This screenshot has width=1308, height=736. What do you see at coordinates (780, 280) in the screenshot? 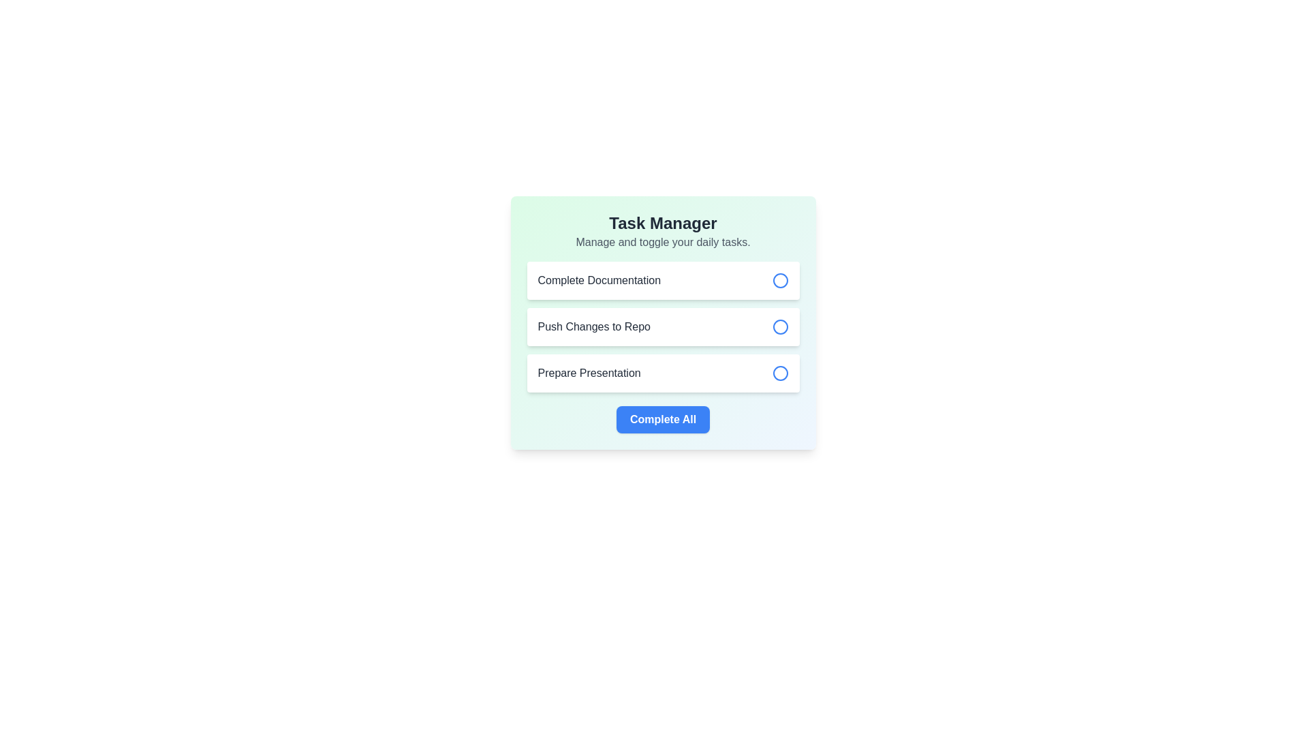
I see `the circular toggle or status indicator with a blue border located` at bounding box center [780, 280].